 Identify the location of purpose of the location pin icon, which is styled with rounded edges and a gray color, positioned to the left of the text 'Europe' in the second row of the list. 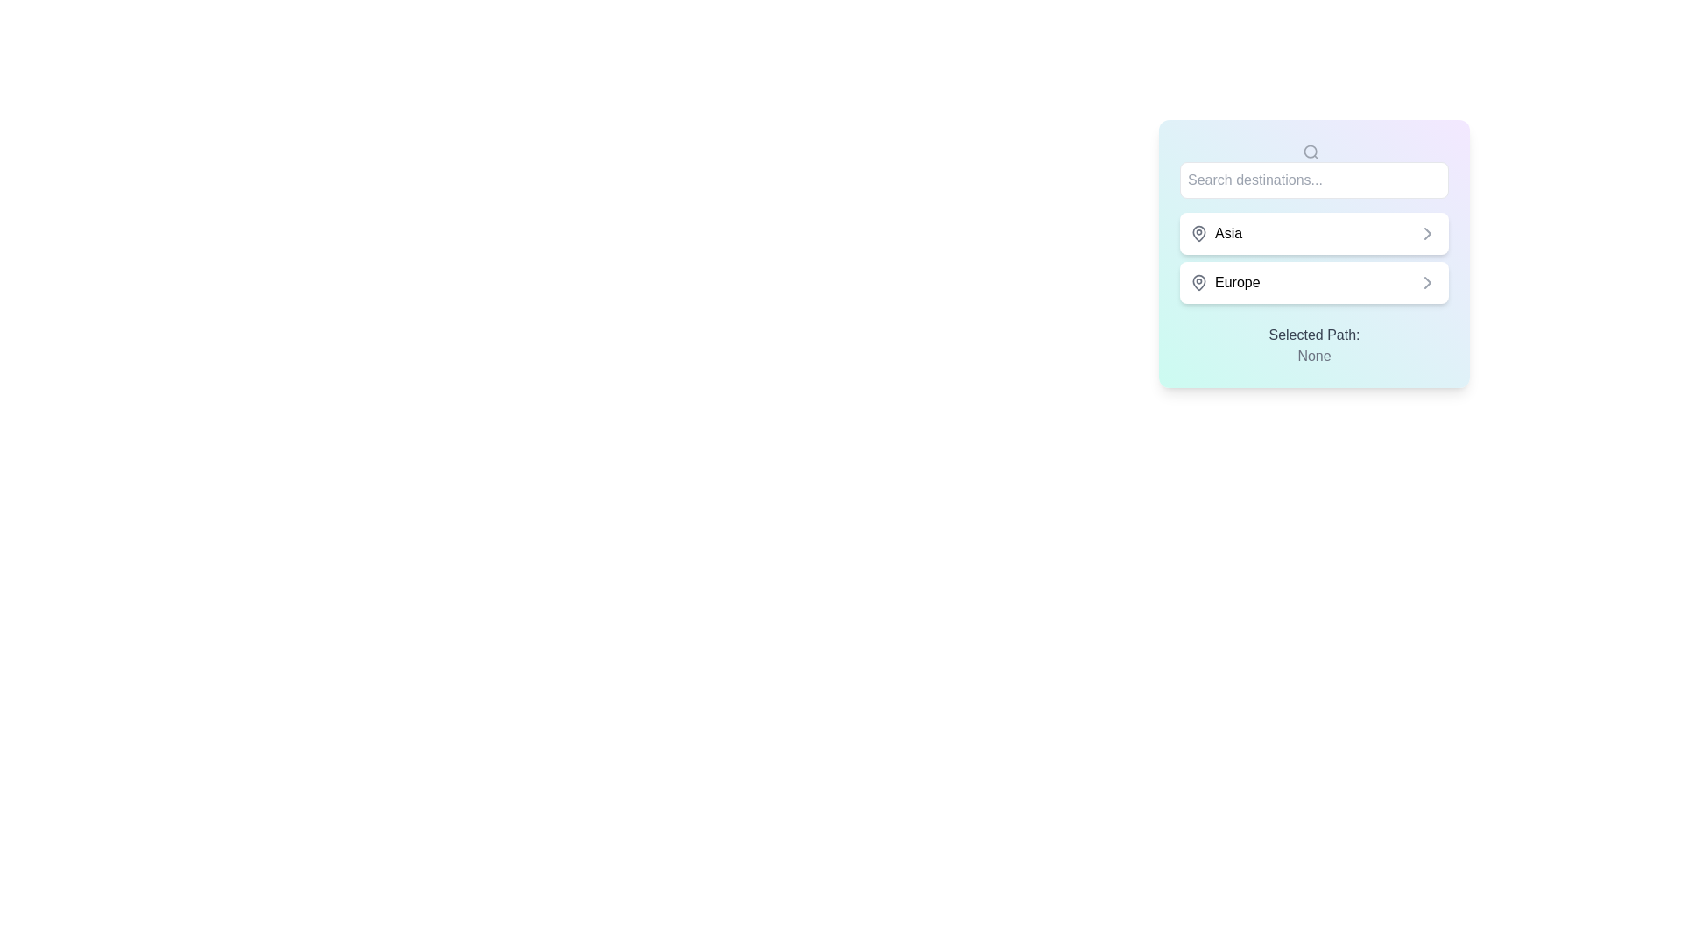
(1198, 282).